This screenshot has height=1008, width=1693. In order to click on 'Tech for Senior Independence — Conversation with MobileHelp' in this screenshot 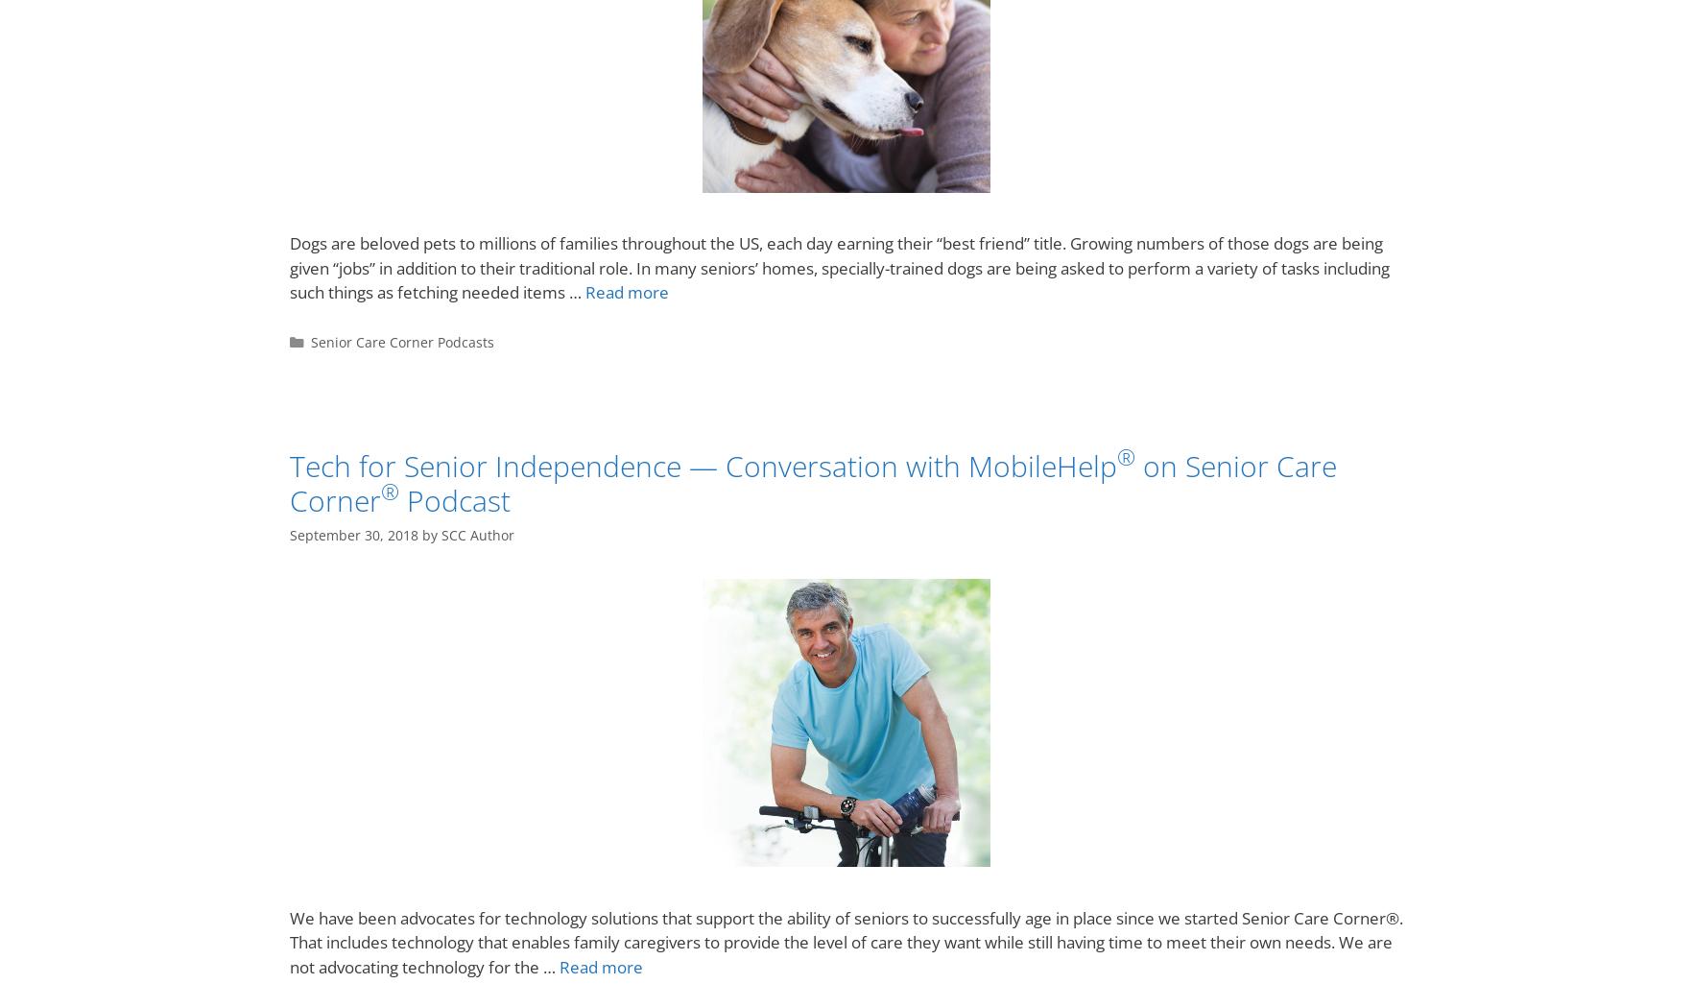, I will do `click(703, 466)`.